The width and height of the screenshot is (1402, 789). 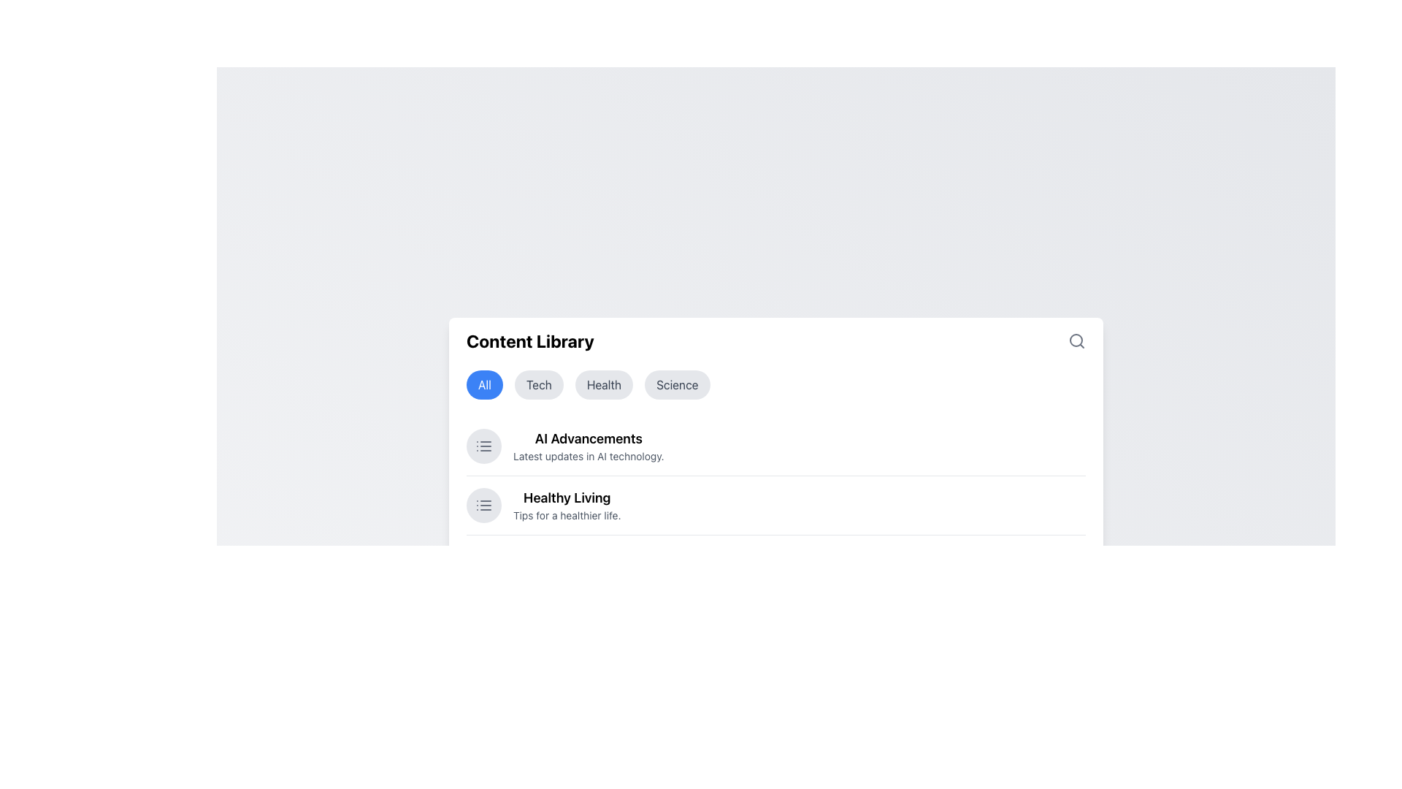 What do you see at coordinates (483, 504) in the screenshot?
I see `the icon depicting three horizontal lines in a list layout, which is located within a light gray circular button in the sidebar of the Content Library interface` at bounding box center [483, 504].